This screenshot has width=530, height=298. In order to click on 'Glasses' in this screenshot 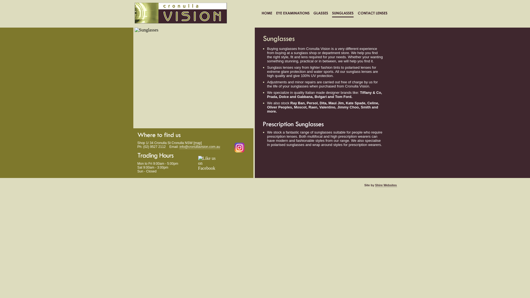, I will do `click(320, 14)`.